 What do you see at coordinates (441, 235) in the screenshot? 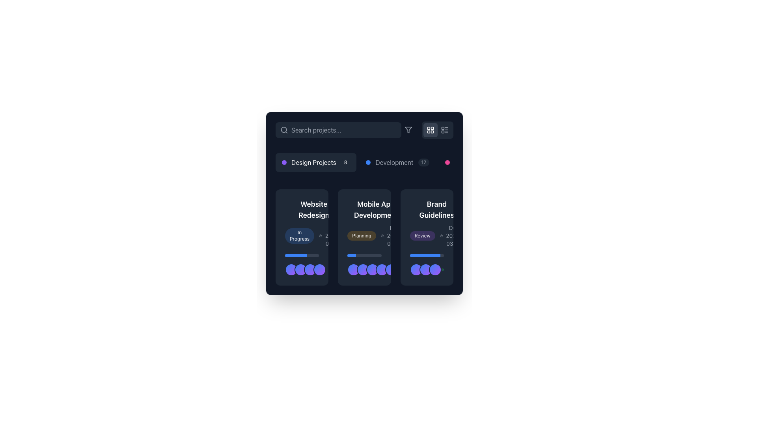
I see `the small gray clock icon SVG graphic located` at bounding box center [441, 235].